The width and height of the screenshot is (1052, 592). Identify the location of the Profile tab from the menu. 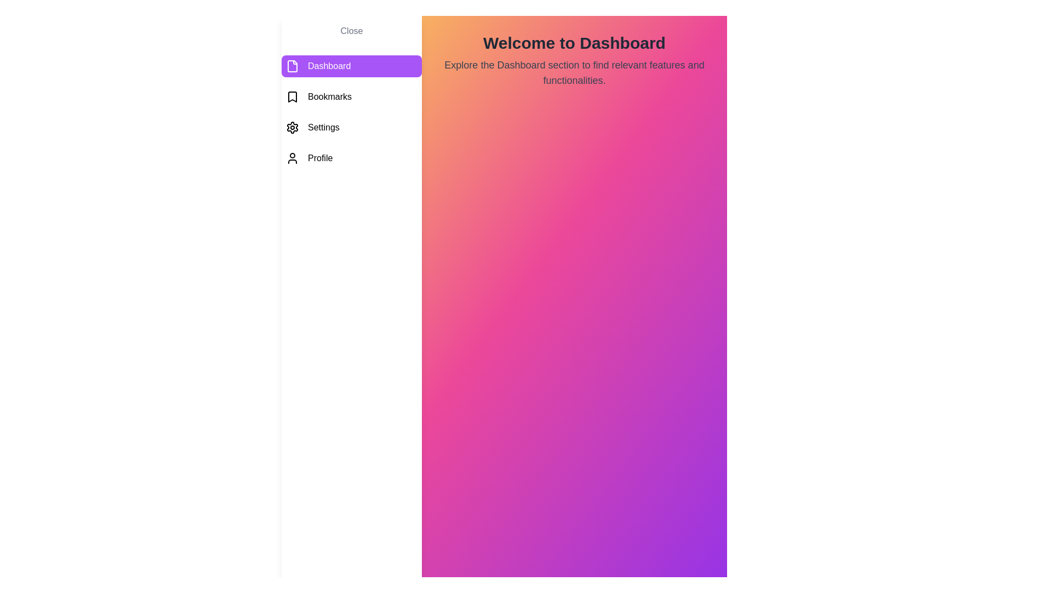
(352, 158).